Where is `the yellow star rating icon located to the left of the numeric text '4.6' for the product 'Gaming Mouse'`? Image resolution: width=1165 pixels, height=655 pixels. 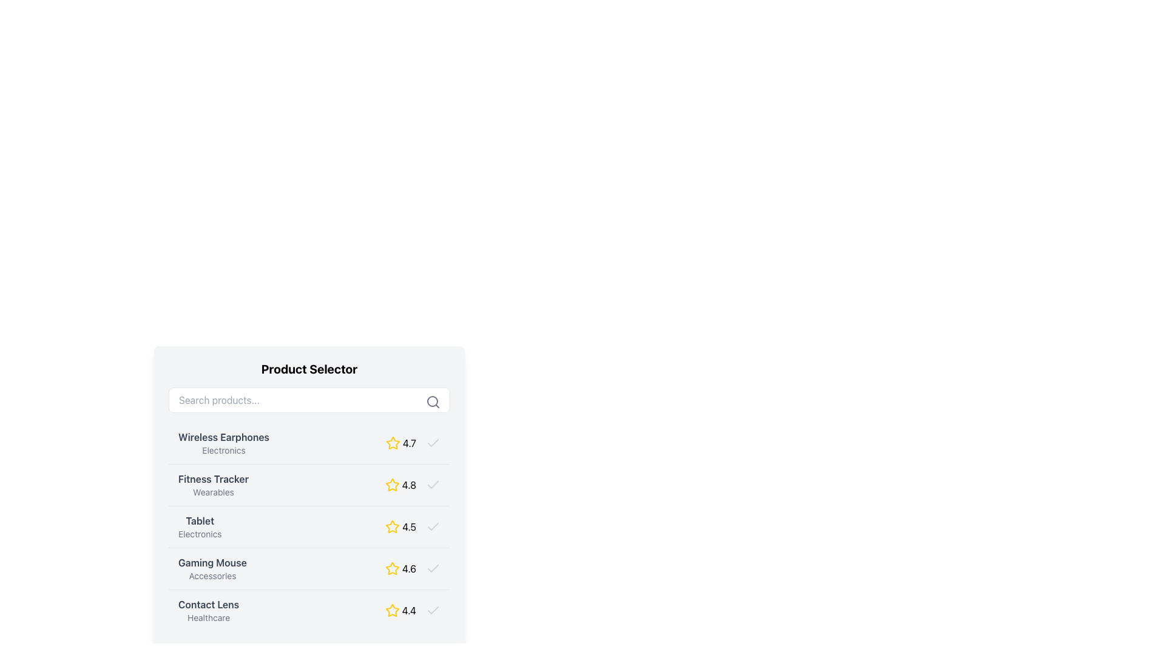 the yellow star rating icon located to the left of the numeric text '4.6' for the product 'Gaming Mouse' is located at coordinates (392, 568).